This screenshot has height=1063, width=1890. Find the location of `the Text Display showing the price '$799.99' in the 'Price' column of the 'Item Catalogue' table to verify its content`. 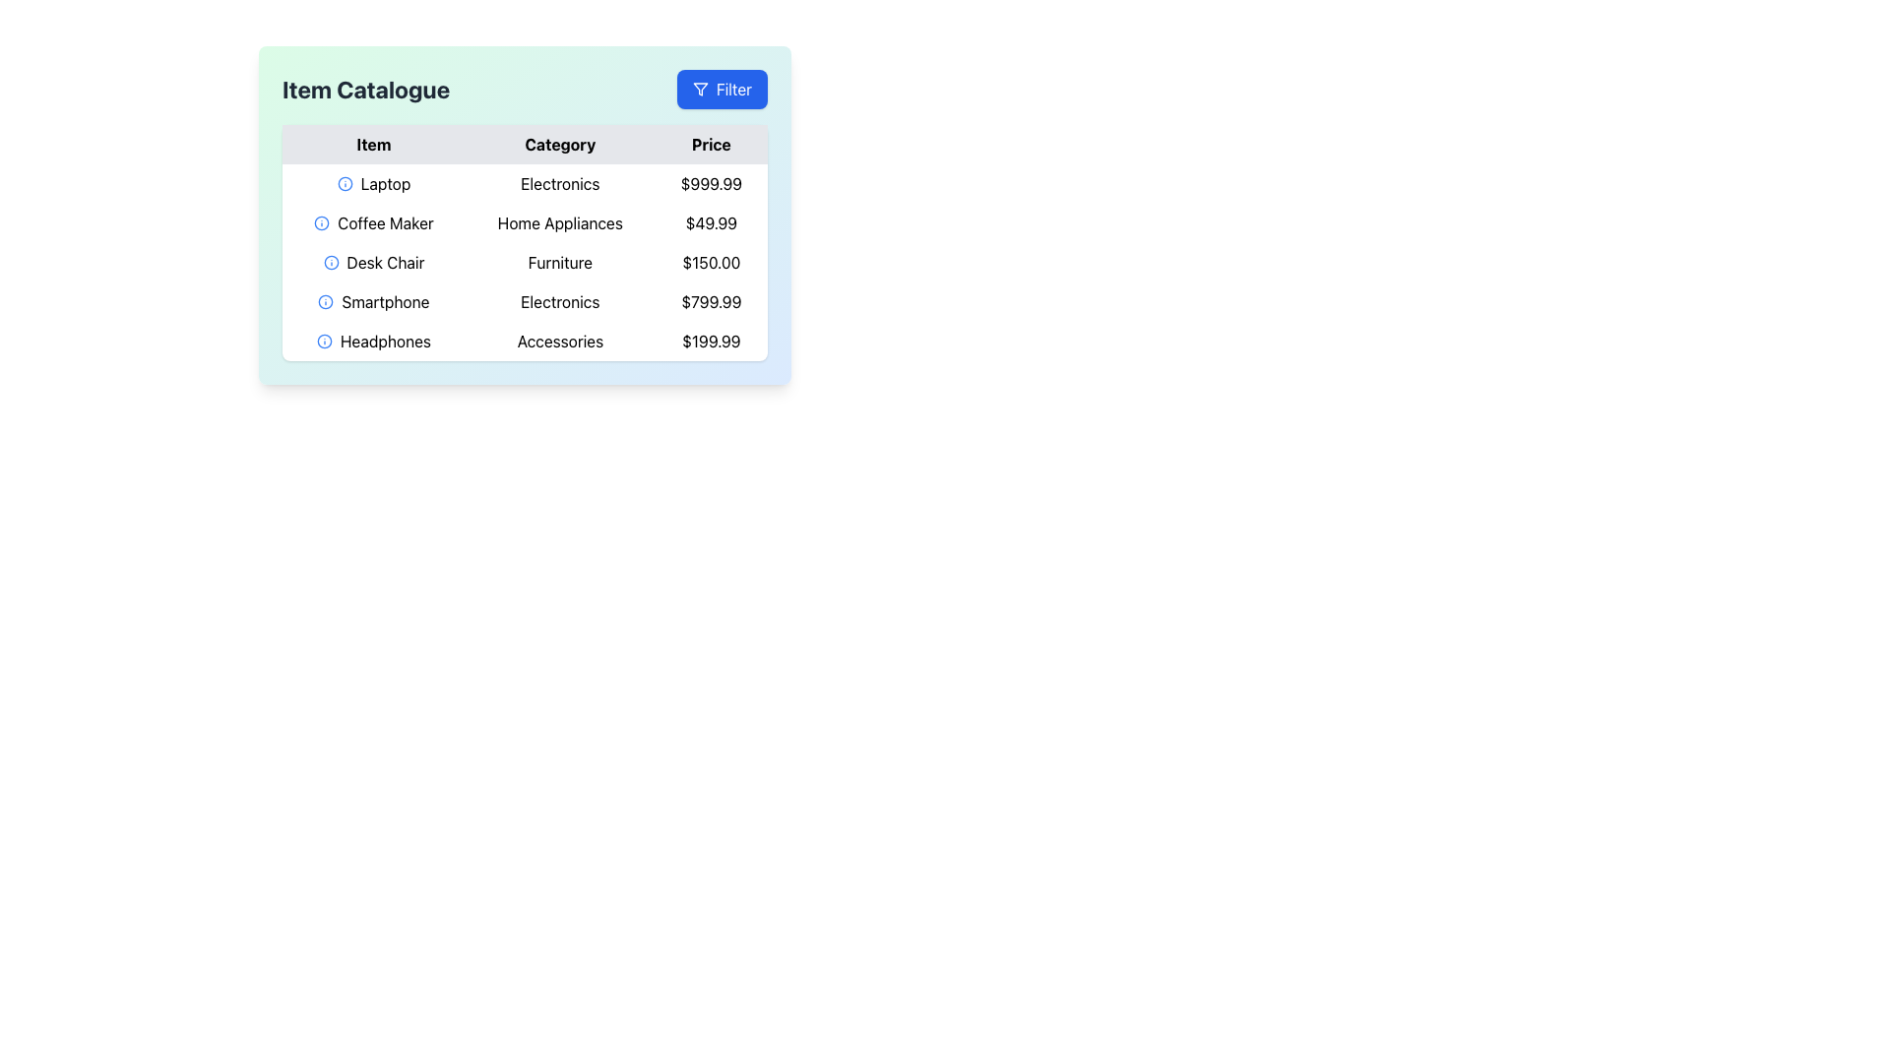

the Text Display showing the price '$799.99' in the 'Price' column of the 'Item Catalogue' table to verify its content is located at coordinates (710, 302).